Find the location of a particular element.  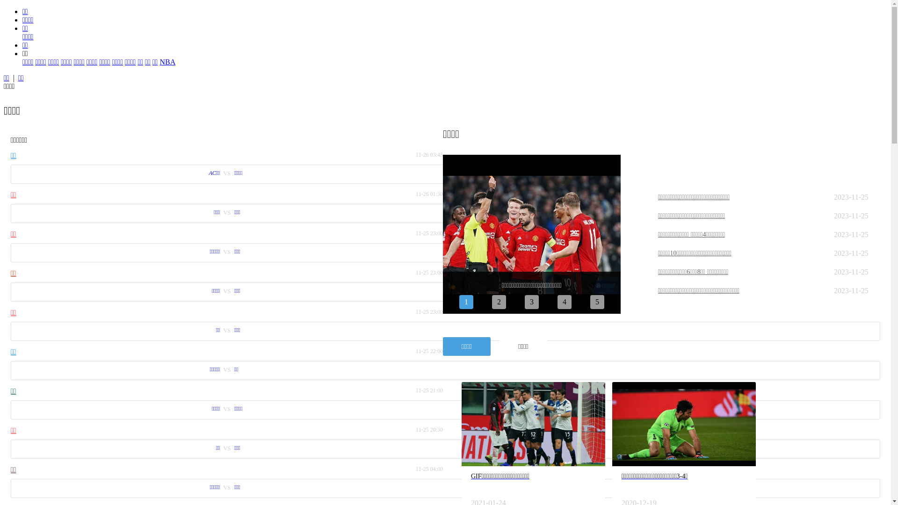

'NBA' is located at coordinates (167, 62).